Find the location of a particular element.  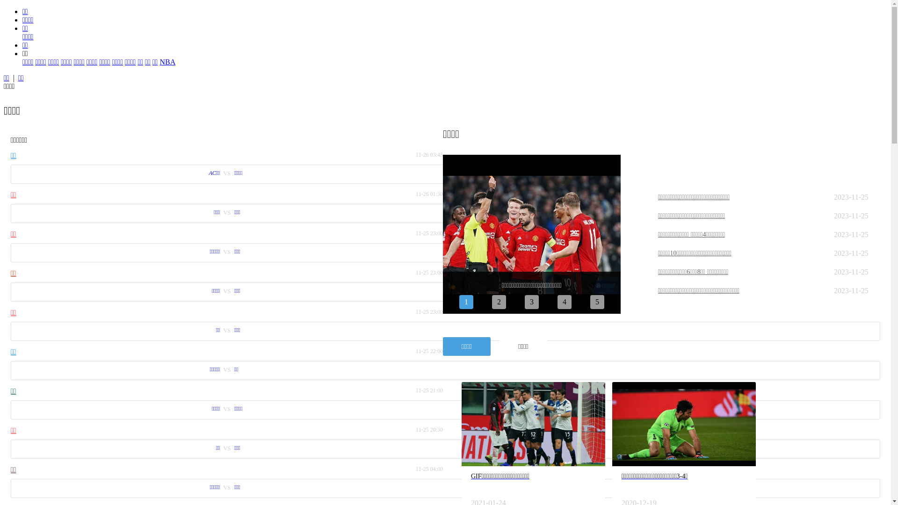

'NBA' is located at coordinates (167, 62).